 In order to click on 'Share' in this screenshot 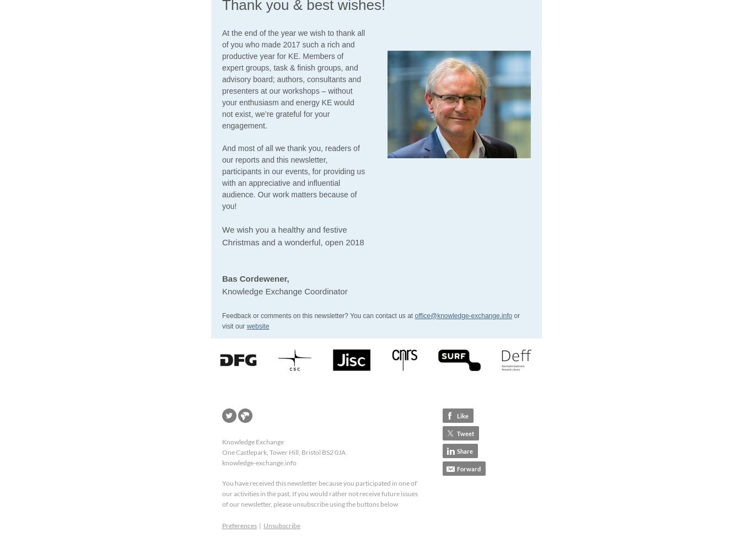, I will do `click(465, 451)`.